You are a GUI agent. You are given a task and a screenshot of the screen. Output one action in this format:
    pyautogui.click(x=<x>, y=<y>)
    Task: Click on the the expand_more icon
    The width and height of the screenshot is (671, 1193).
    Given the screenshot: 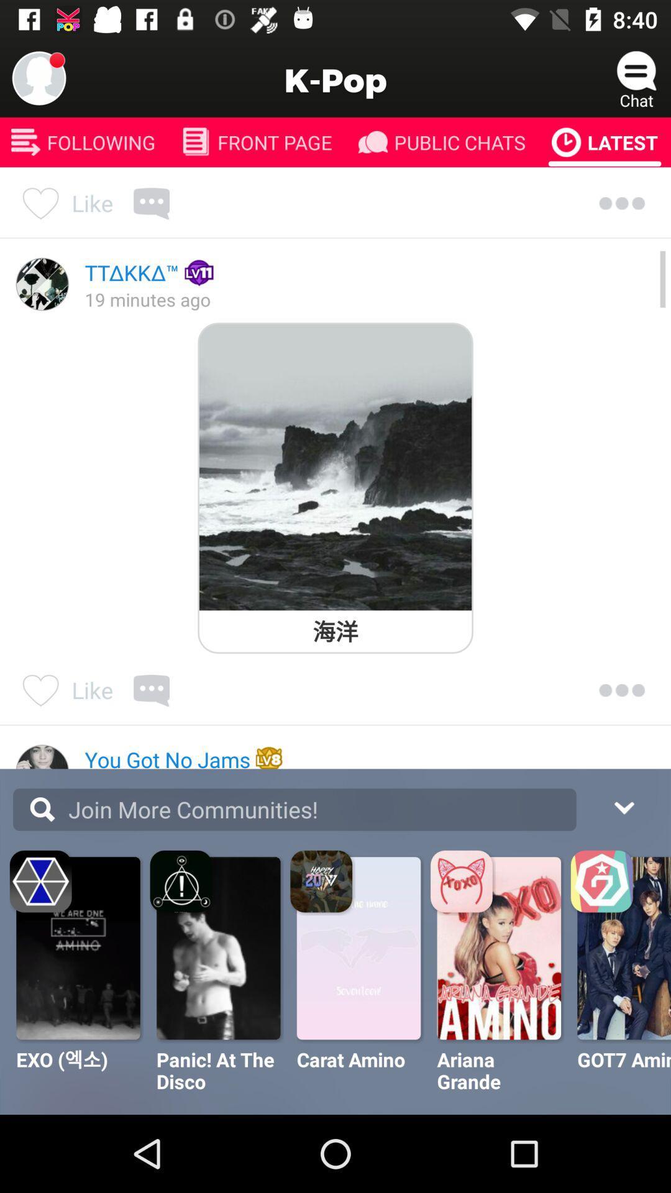 What is the action you would take?
    pyautogui.click(x=623, y=806)
    